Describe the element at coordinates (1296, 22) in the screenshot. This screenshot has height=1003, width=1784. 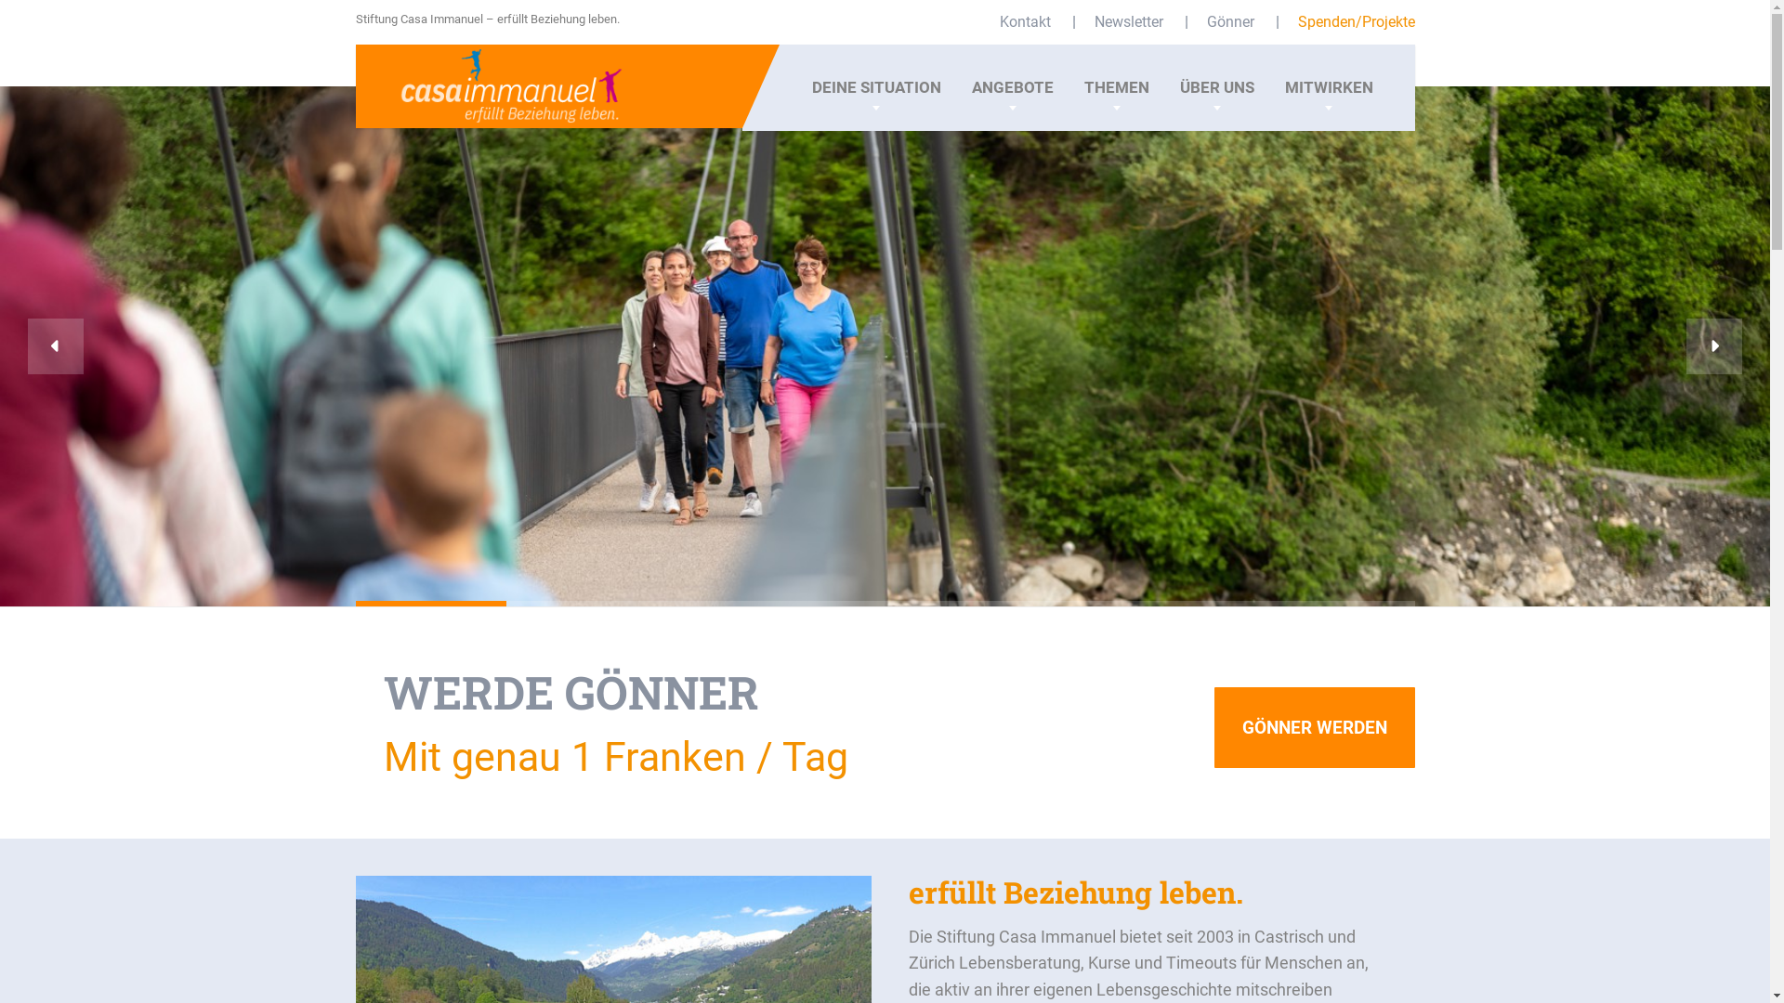
I see `'Spenden/Projekte'` at that location.